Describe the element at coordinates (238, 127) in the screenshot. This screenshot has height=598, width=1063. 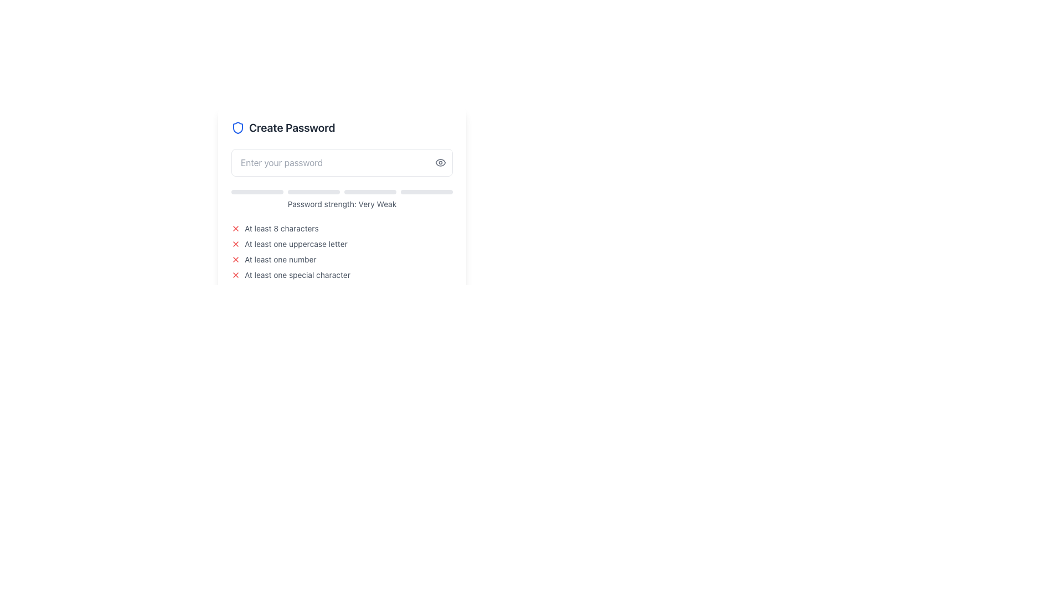
I see `the shield-shaped icon with a blue outline, positioned to the left of the 'Create Password' text` at that location.